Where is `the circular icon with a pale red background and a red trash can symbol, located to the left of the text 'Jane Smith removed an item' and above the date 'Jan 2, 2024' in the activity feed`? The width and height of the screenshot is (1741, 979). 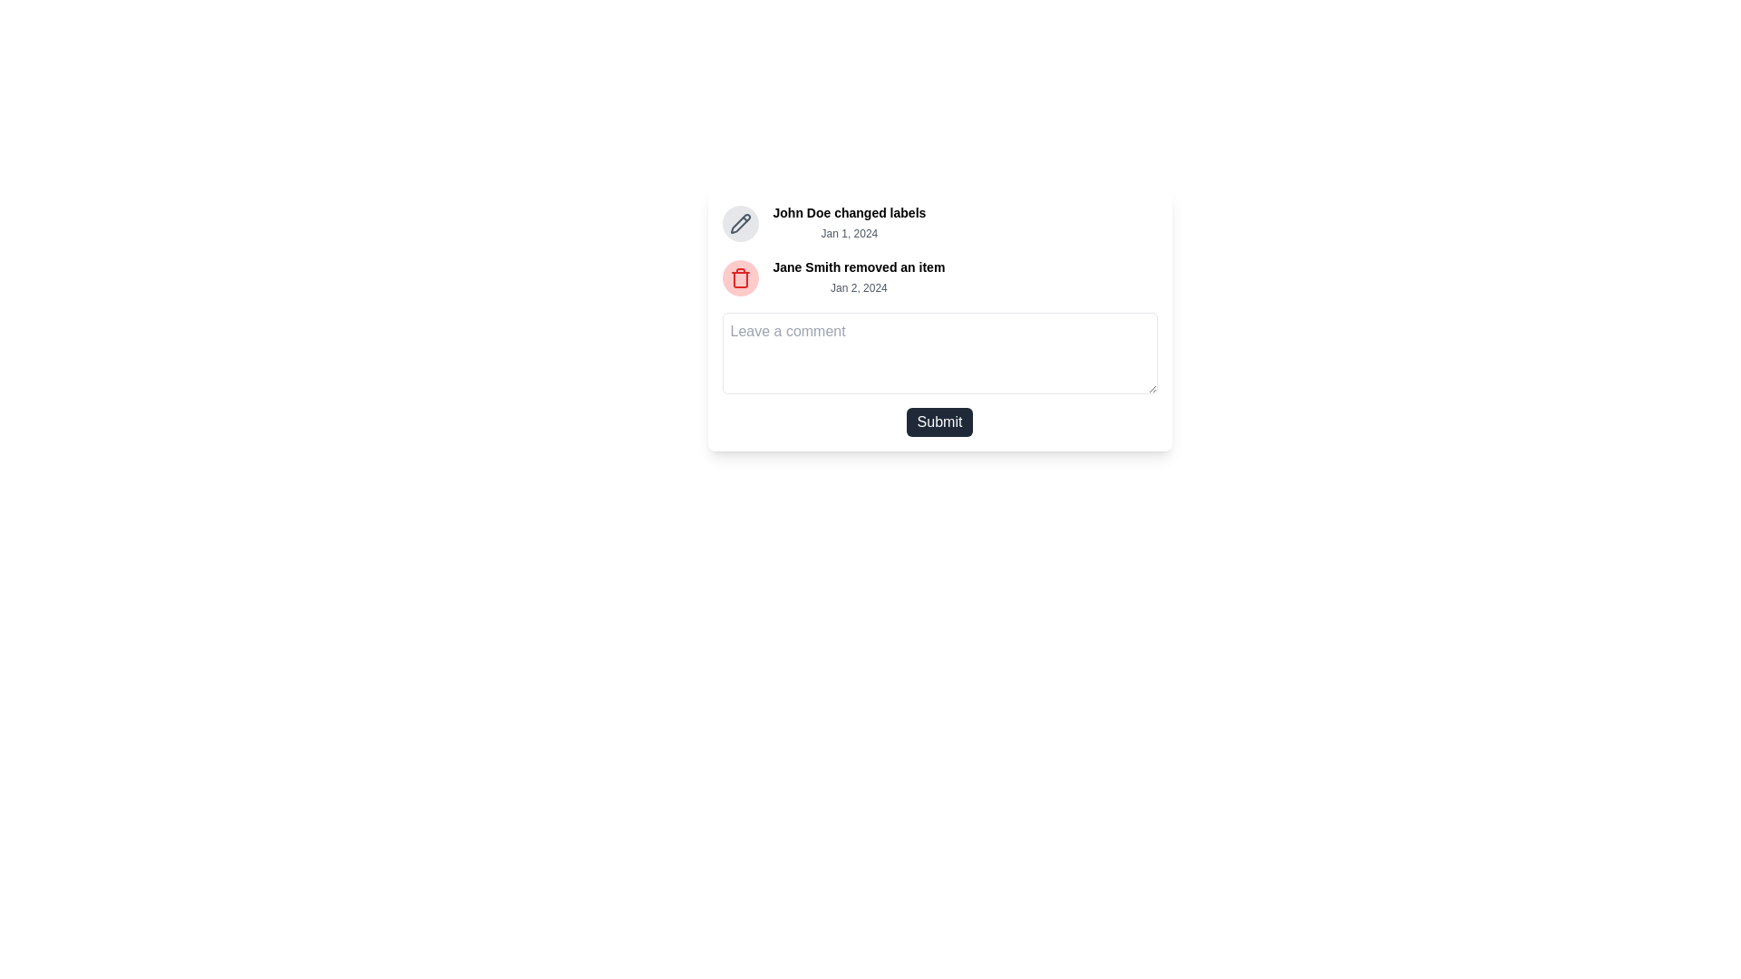
the circular icon with a pale red background and a red trash can symbol, located to the left of the text 'Jane Smith removed an item' and above the date 'Jan 2, 2024' in the activity feed is located at coordinates (740, 278).